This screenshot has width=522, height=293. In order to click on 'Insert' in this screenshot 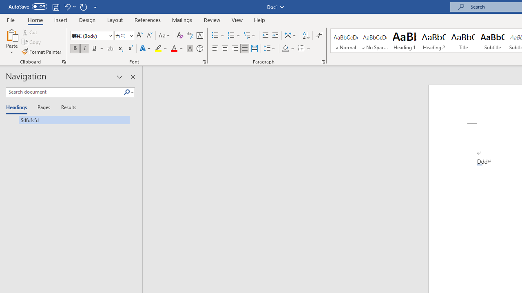, I will do `click(60, 20)`.